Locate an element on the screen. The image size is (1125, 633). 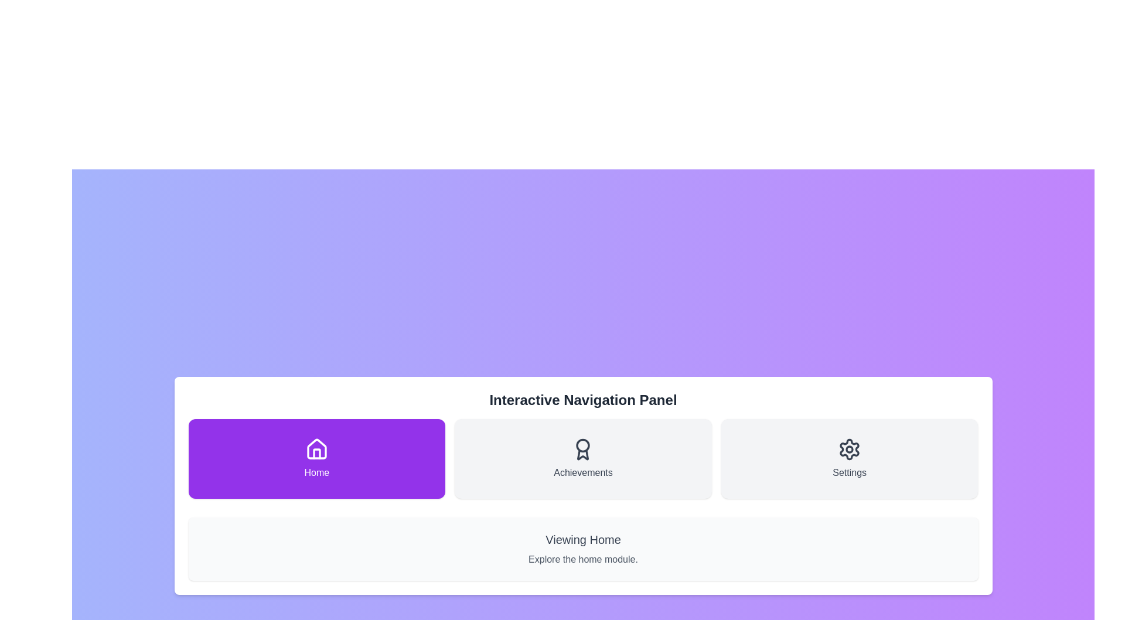
the house-shaped icon located within the 'Home' button is located at coordinates (316, 449).